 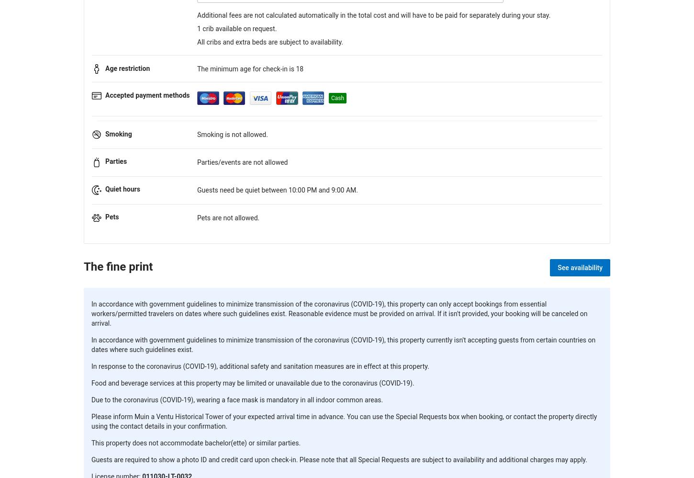 I want to click on 'In accordance with government guidelines to minimize transmission of the coronavirus (COVID-19), this property currently isn't accepting guests from certain countries on dates where such guidelines exist.', so click(x=343, y=344).